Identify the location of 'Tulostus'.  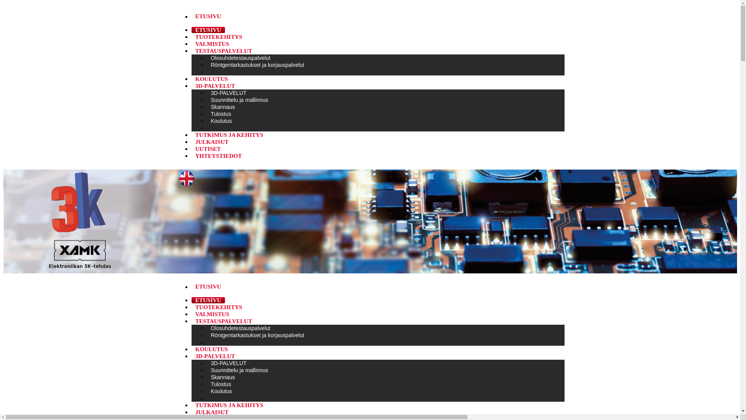
(220, 383).